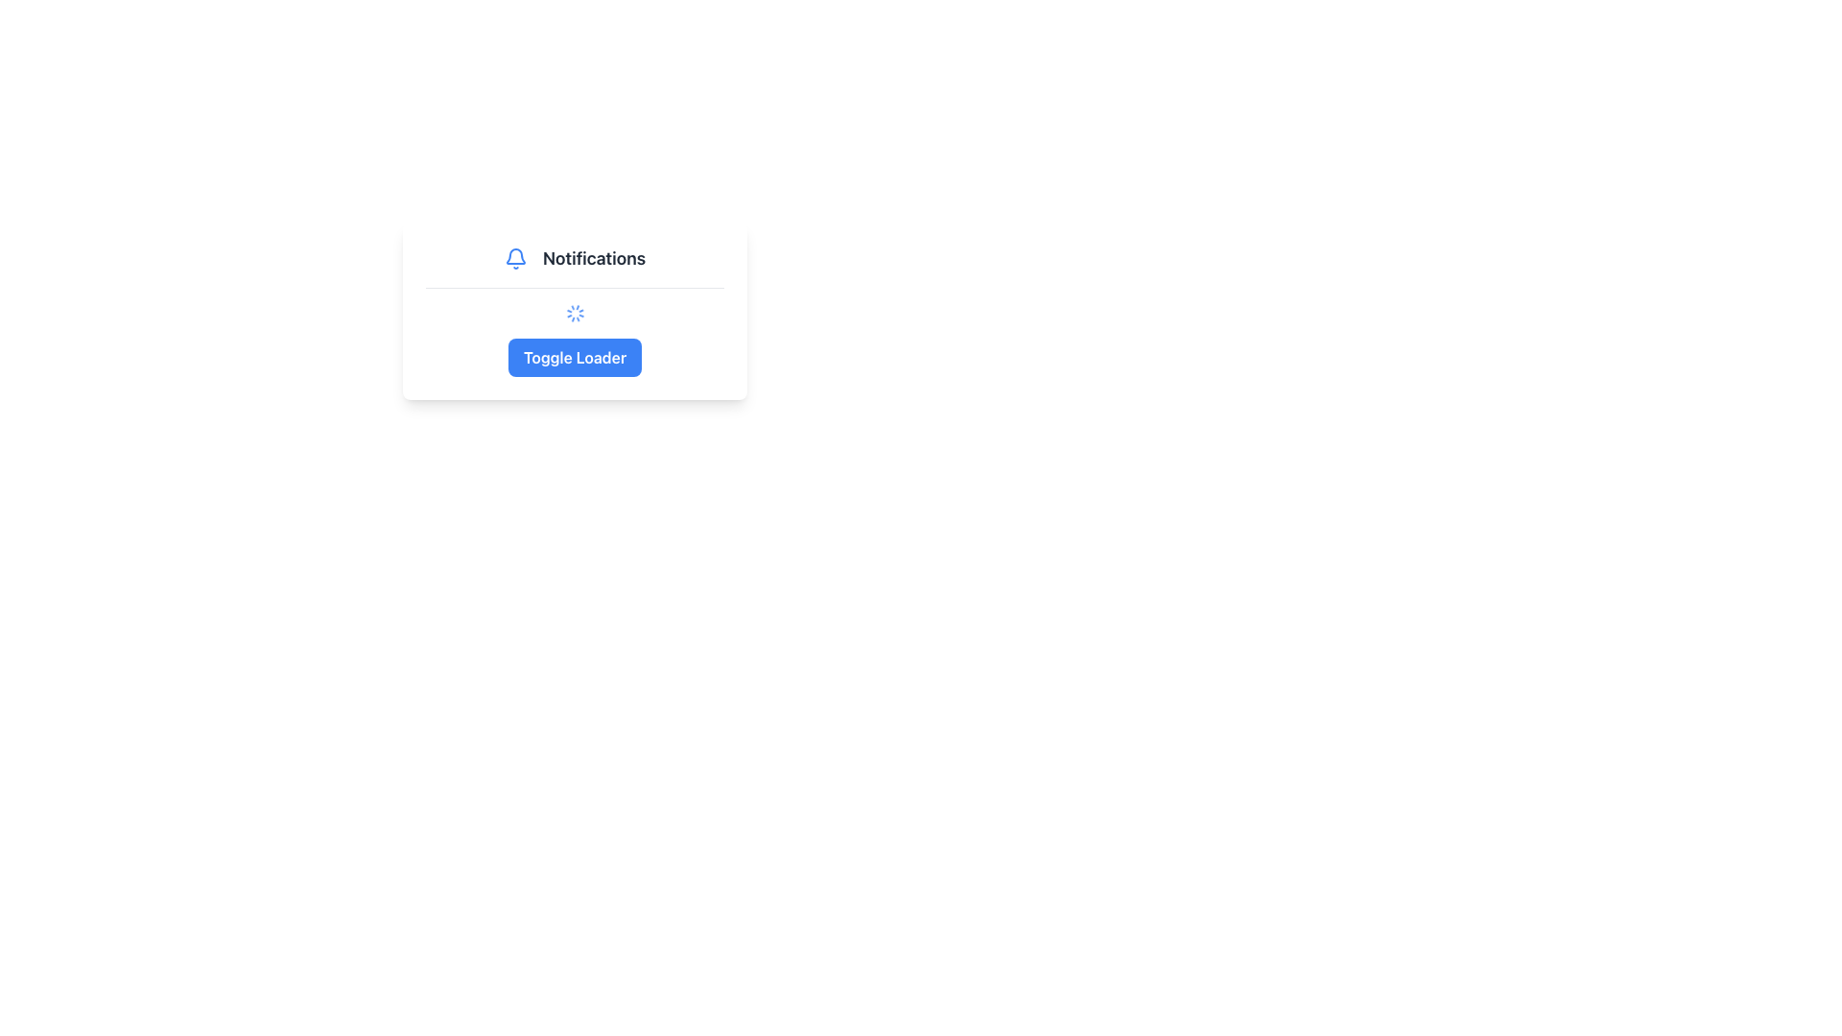  What do you see at coordinates (574, 310) in the screenshot?
I see `the animated state of the loader within the Notifications Card component, which features a blue notification bell icon, bold text 'Notifications', a horizontal divider, and a blue button labeled 'Toggle Loader'` at bounding box center [574, 310].